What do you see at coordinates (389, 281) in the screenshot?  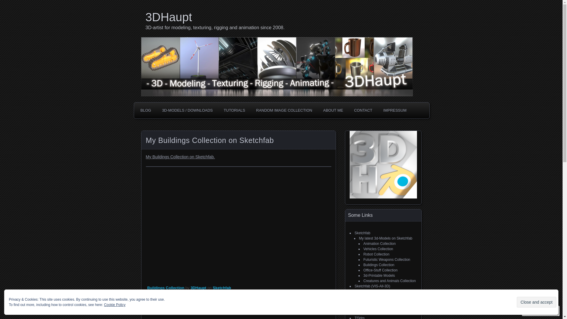 I see `'Creatures and Animals Collection'` at bounding box center [389, 281].